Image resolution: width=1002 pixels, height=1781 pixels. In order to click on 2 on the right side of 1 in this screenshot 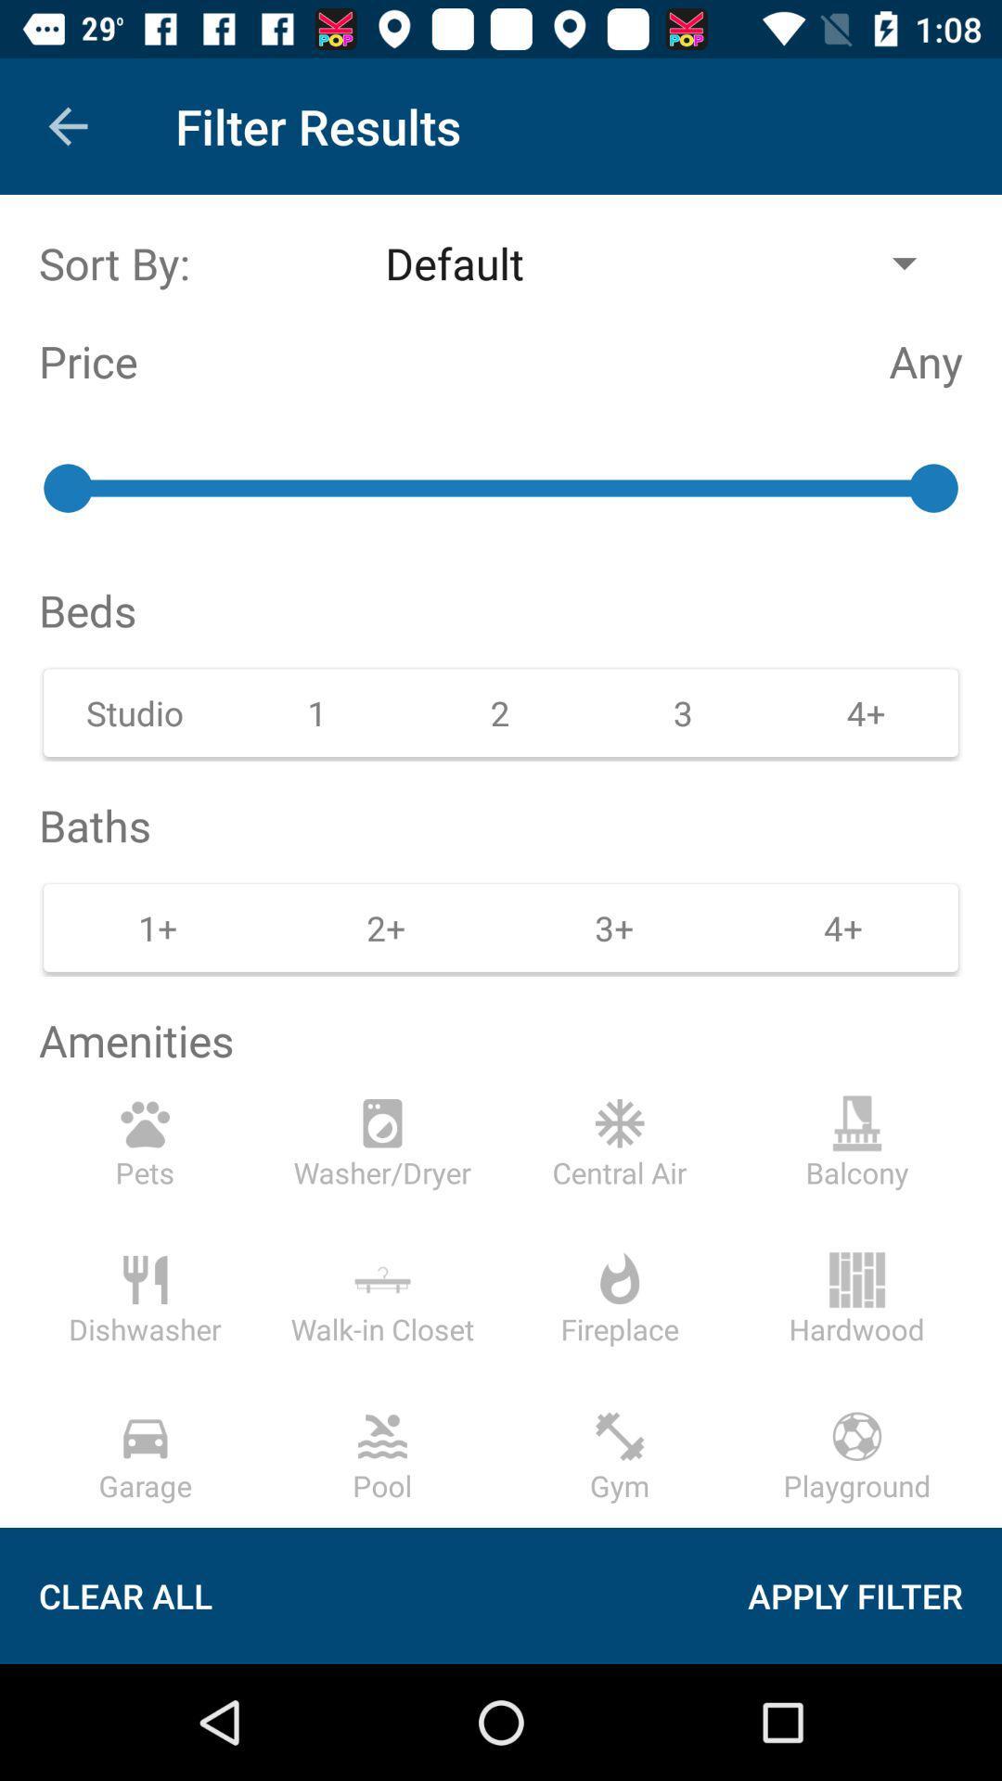, I will do `click(385, 928)`.